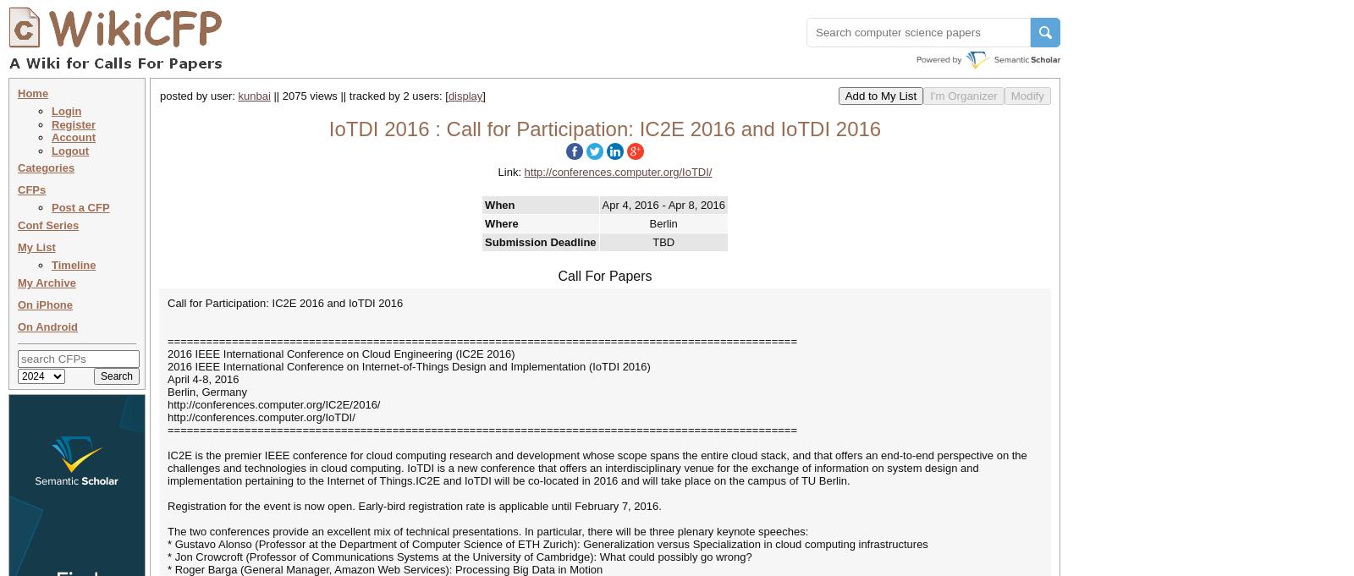 The height and width of the screenshot is (576, 1354). What do you see at coordinates (464, 95) in the screenshot?
I see `'display'` at bounding box center [464, 95].